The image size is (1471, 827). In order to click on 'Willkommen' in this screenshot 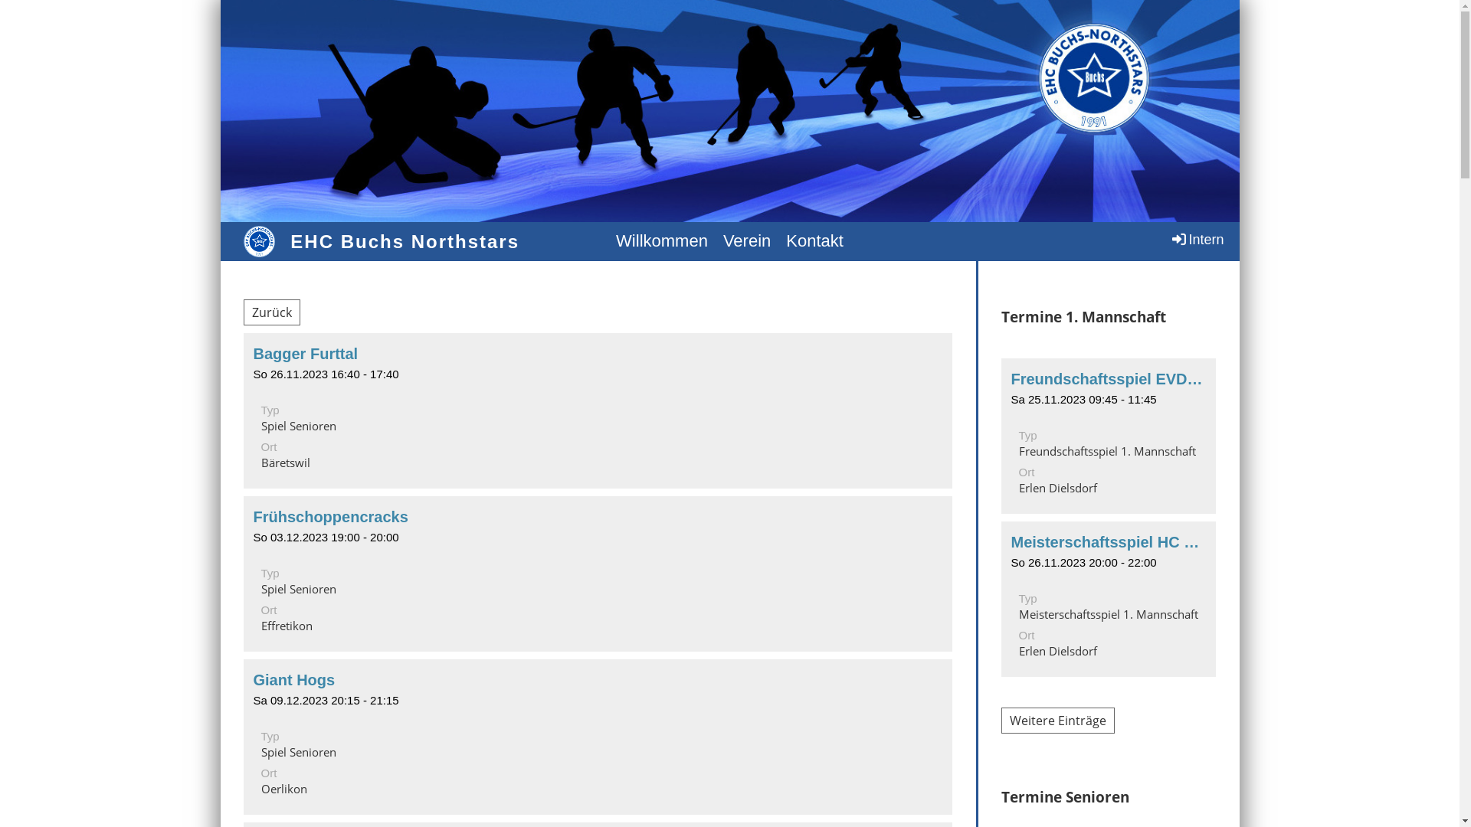, I will do `click(662, 241)`.